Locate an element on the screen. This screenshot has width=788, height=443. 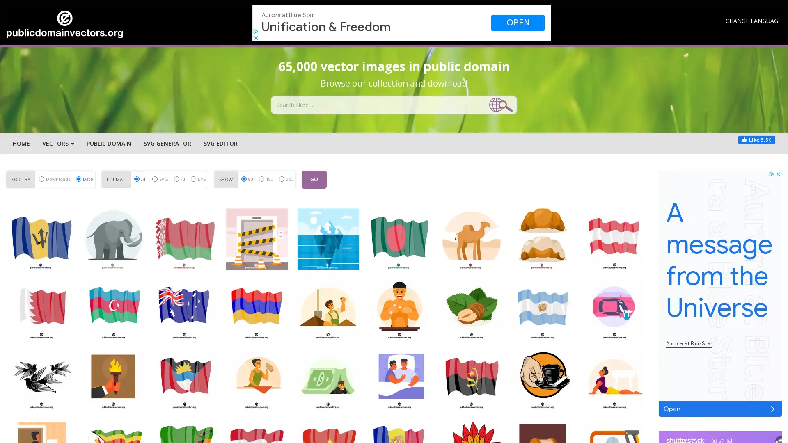
GO is located at coordinates (314, 179).